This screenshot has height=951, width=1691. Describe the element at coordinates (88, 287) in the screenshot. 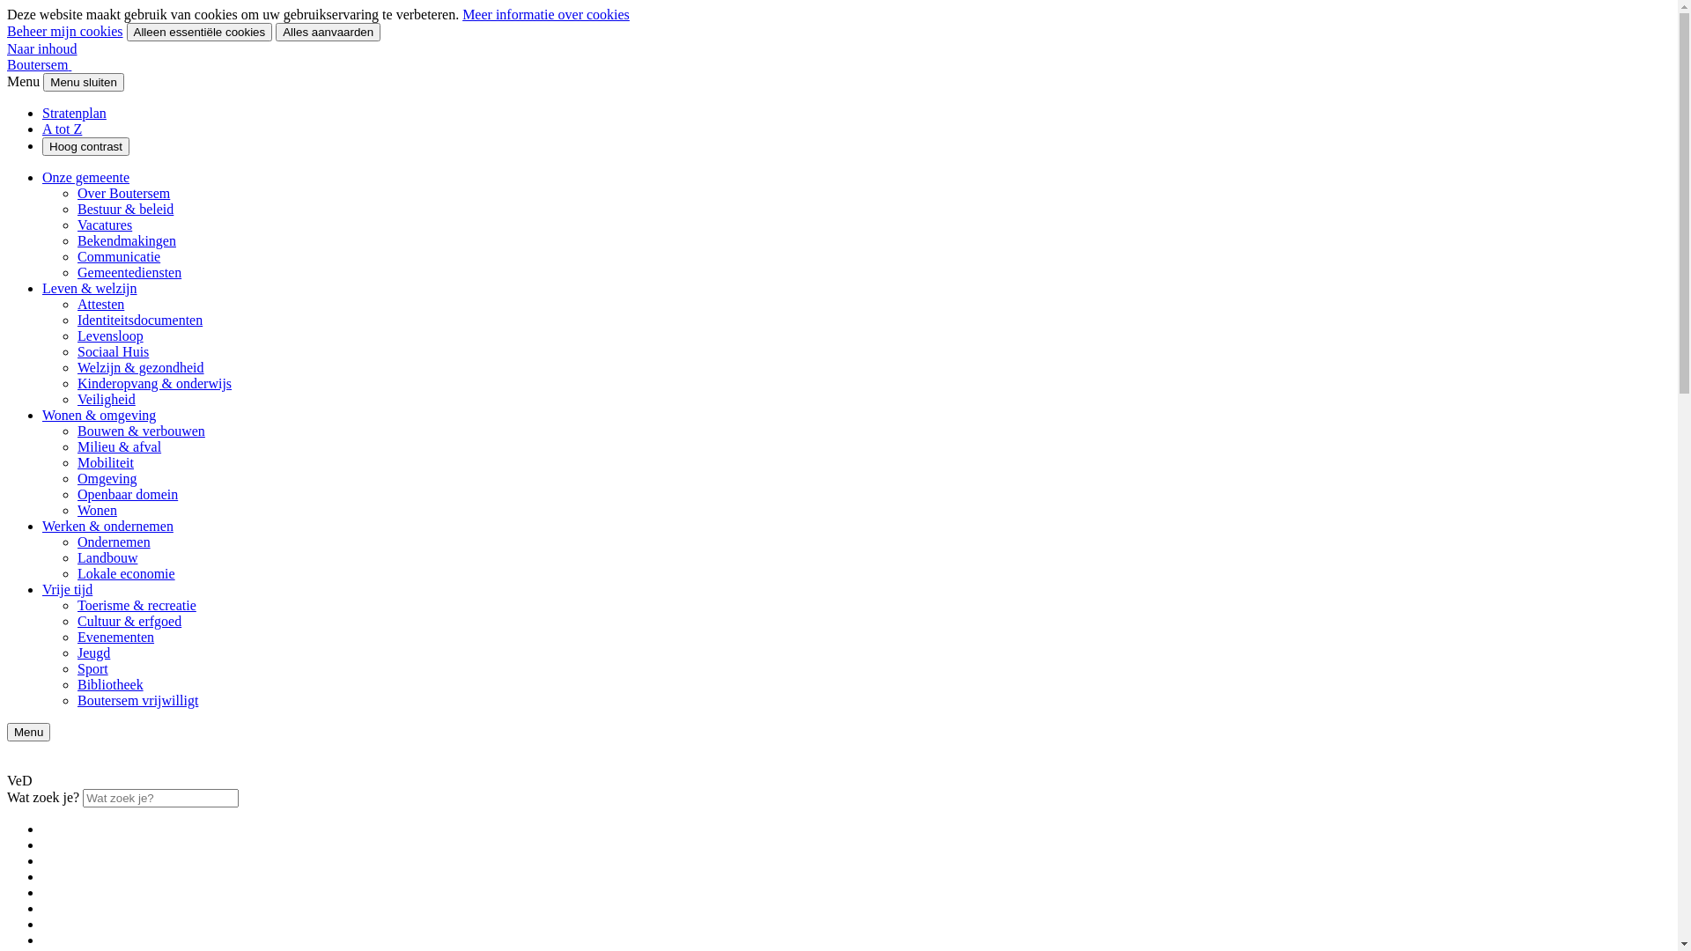

I see `'Leven & welzijn'` at that location.